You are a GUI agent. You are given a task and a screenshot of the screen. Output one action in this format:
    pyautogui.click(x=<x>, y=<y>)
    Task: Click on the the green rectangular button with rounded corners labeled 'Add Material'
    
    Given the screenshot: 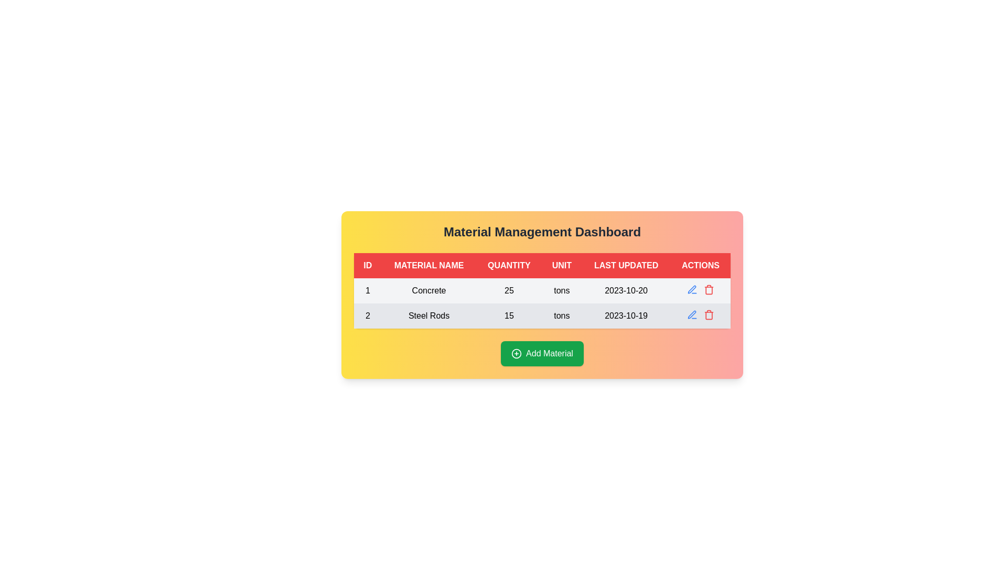 What is the action you would take?
    pyautogui.click(x=542, y=354)
    